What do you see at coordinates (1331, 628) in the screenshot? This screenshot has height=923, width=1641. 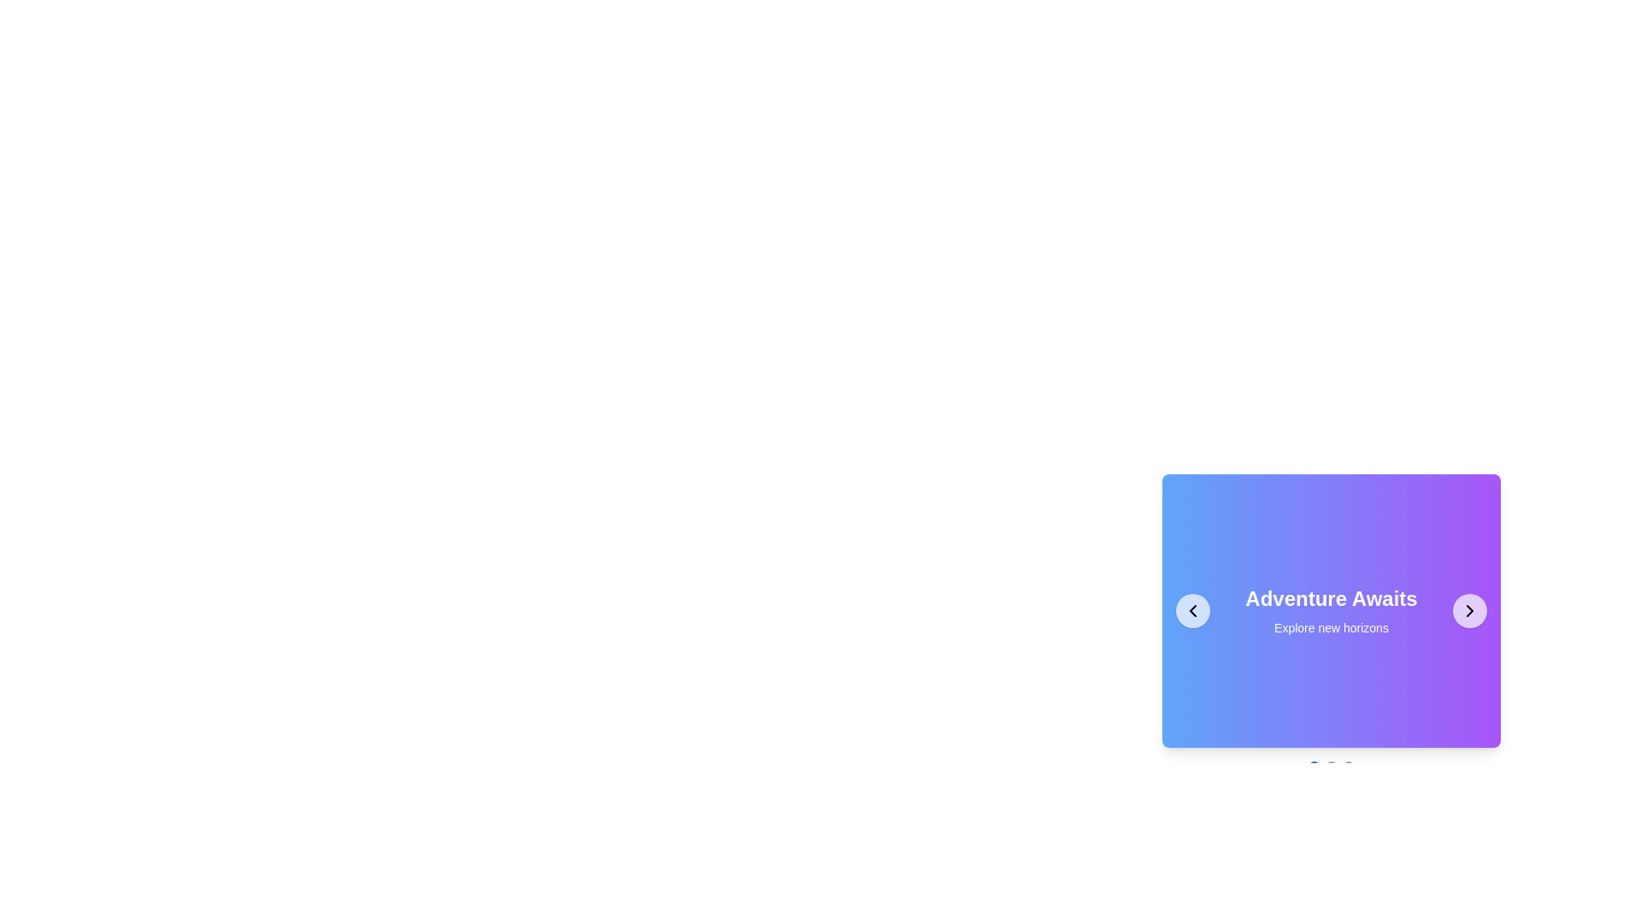 I see `the Text Label located below the title 'Adventure Awaits' in the carousel section, which enhances the visual theme with descriptive or inspirational text` at bounding box center [1331, 628].